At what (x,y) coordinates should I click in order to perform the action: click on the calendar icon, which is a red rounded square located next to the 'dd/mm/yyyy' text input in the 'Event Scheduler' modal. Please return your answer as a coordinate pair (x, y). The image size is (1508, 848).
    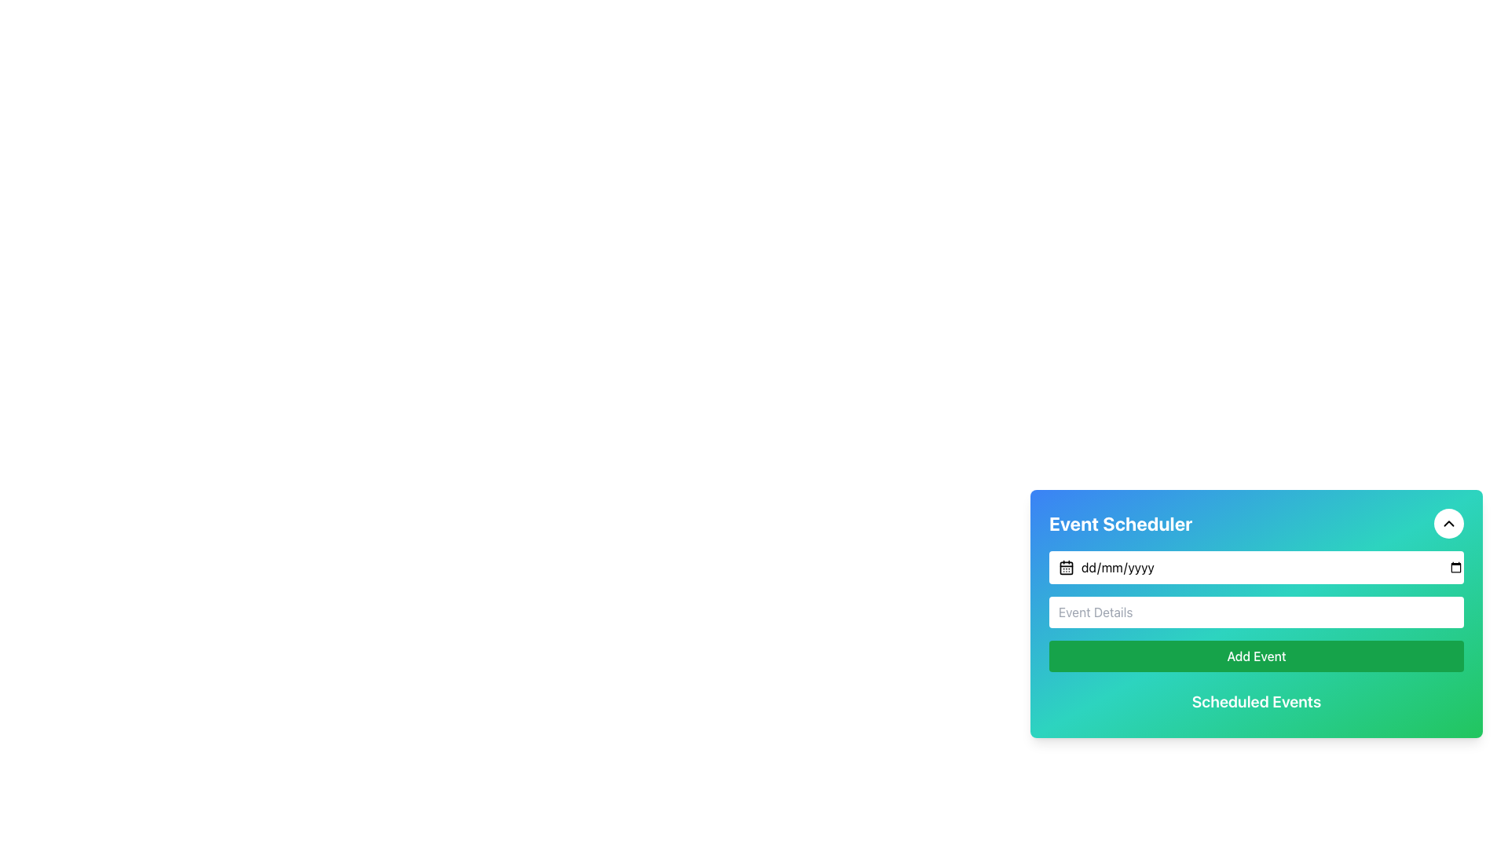
    Looking at the image, I should click on (1067, 567).